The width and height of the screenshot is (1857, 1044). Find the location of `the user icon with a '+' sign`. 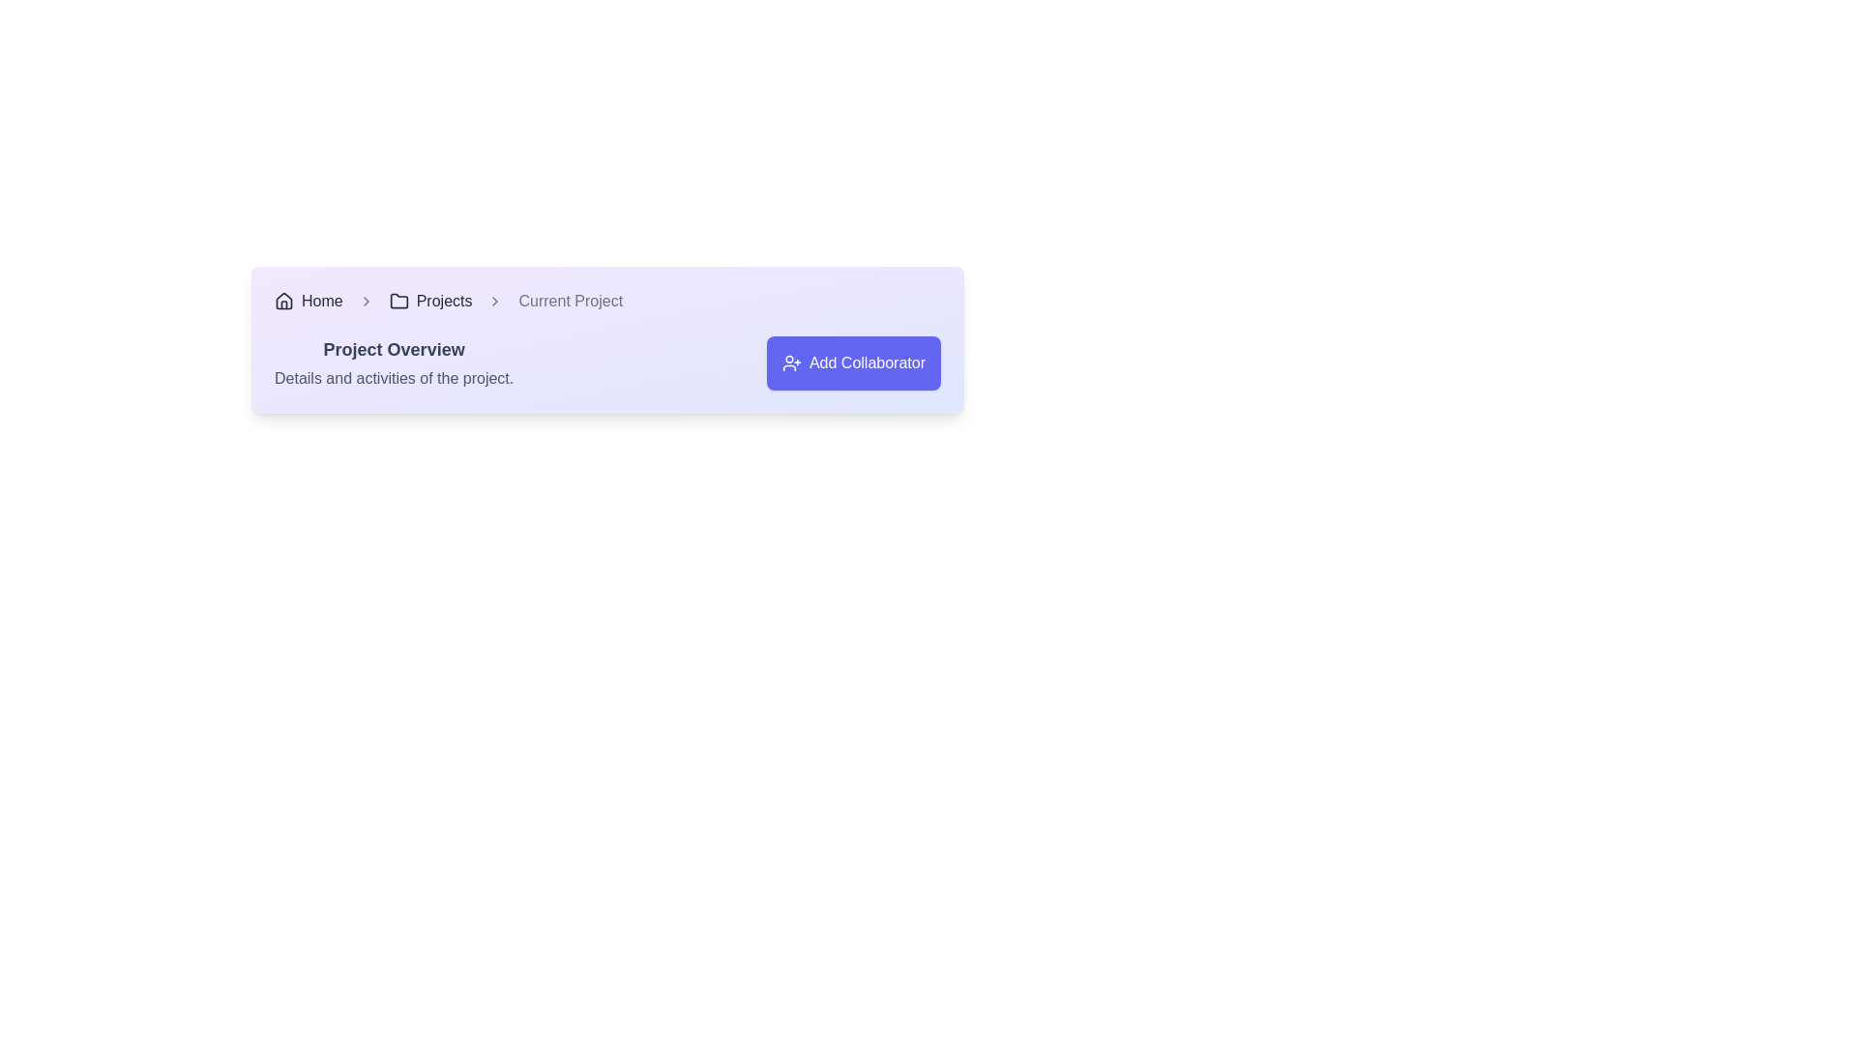

the user icon with a '+' sign is located at coordinates (791, 362).